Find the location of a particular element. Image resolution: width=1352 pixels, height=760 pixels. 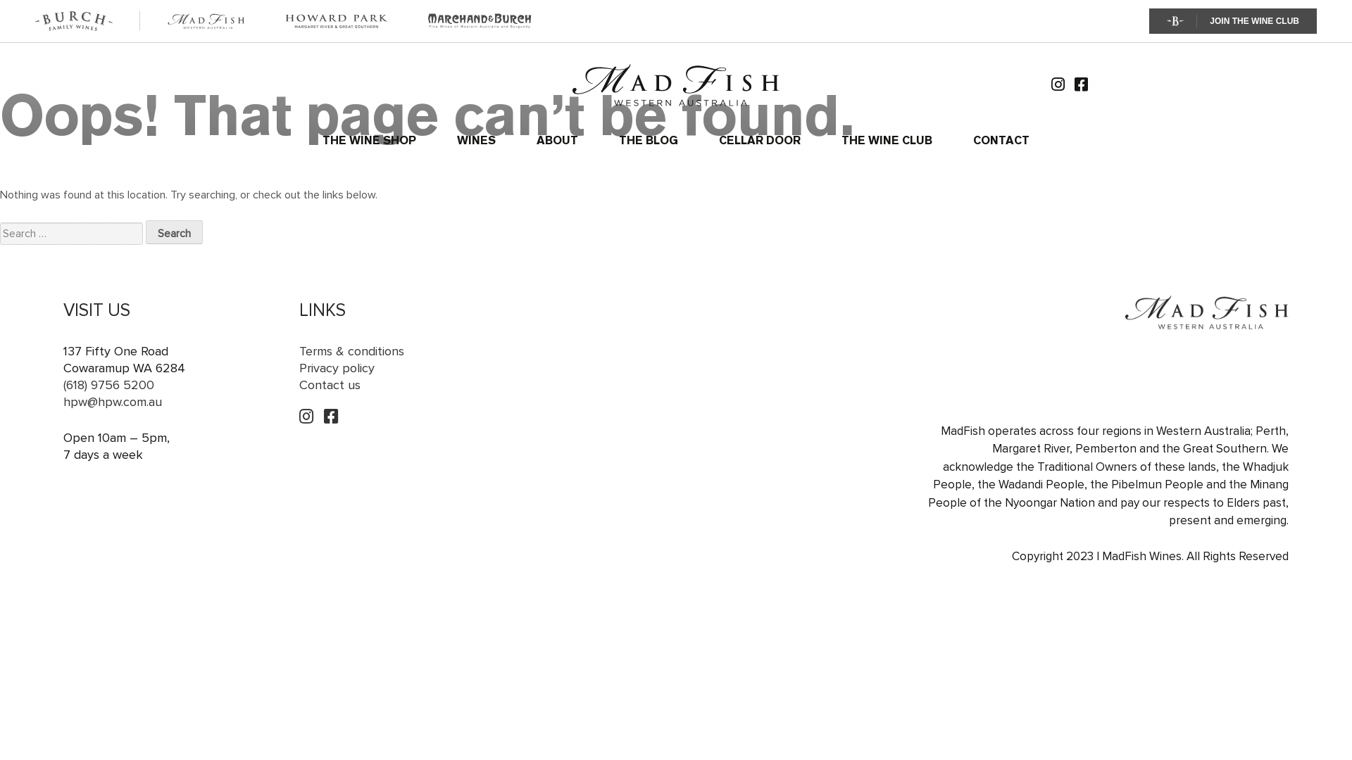

'CONTACT' is located at coordinates (1000, 140).